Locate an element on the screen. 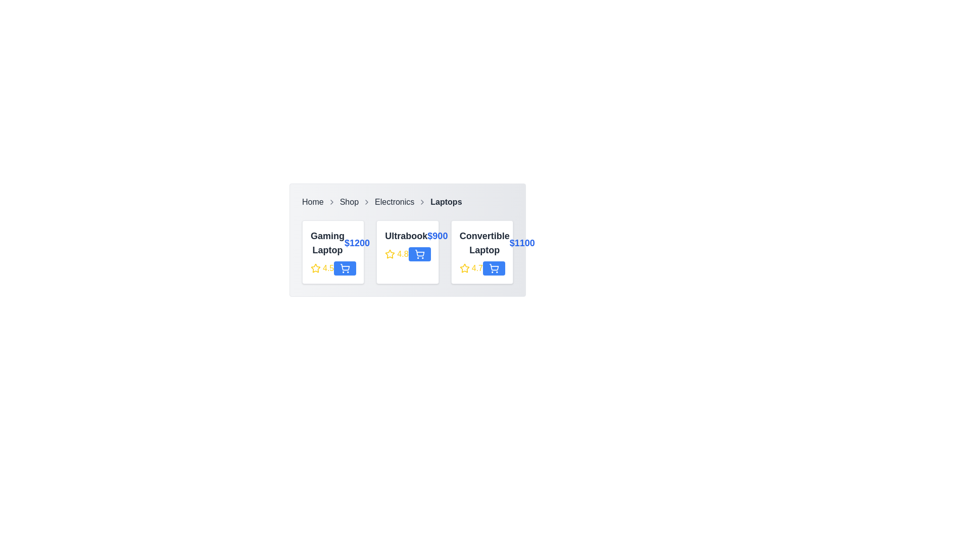  text value of the Rating display for the 'Convertible Laptop', which is located below the product title and price, to the left of the shopping cart button is located at coordinates (470, 268).